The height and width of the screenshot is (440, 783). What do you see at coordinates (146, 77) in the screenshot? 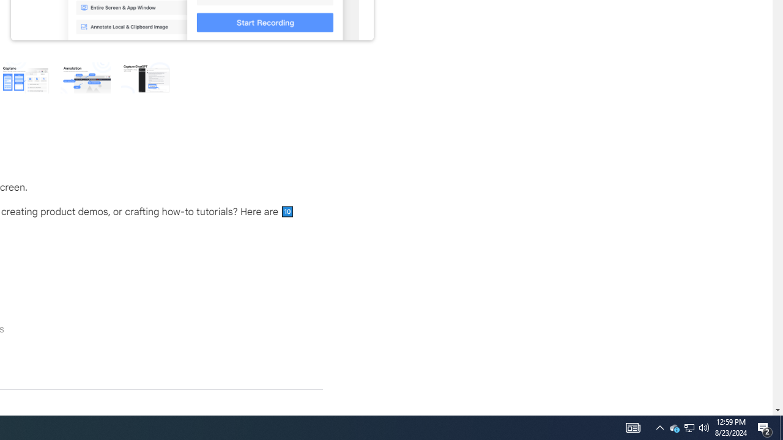
I see `'Preview slide 6'` at bounding box center [146, 77].